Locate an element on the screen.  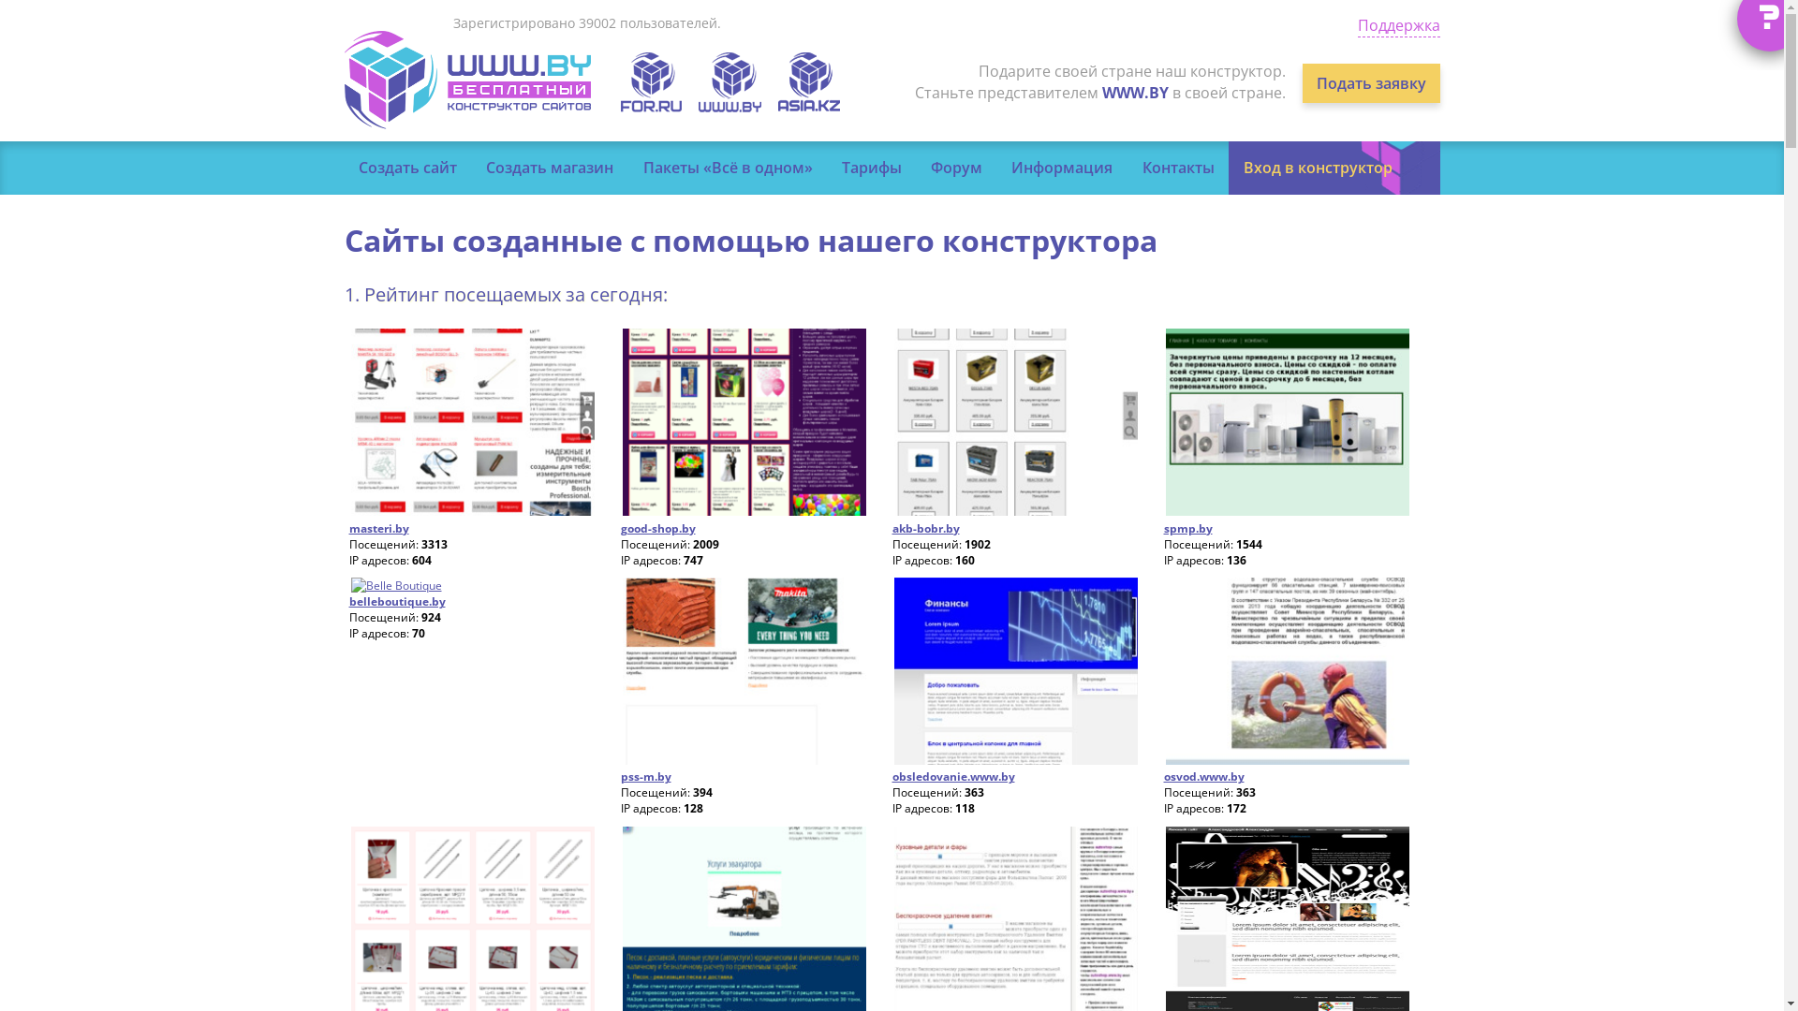
'spmp.by' is located at coordinates (1186, 528).